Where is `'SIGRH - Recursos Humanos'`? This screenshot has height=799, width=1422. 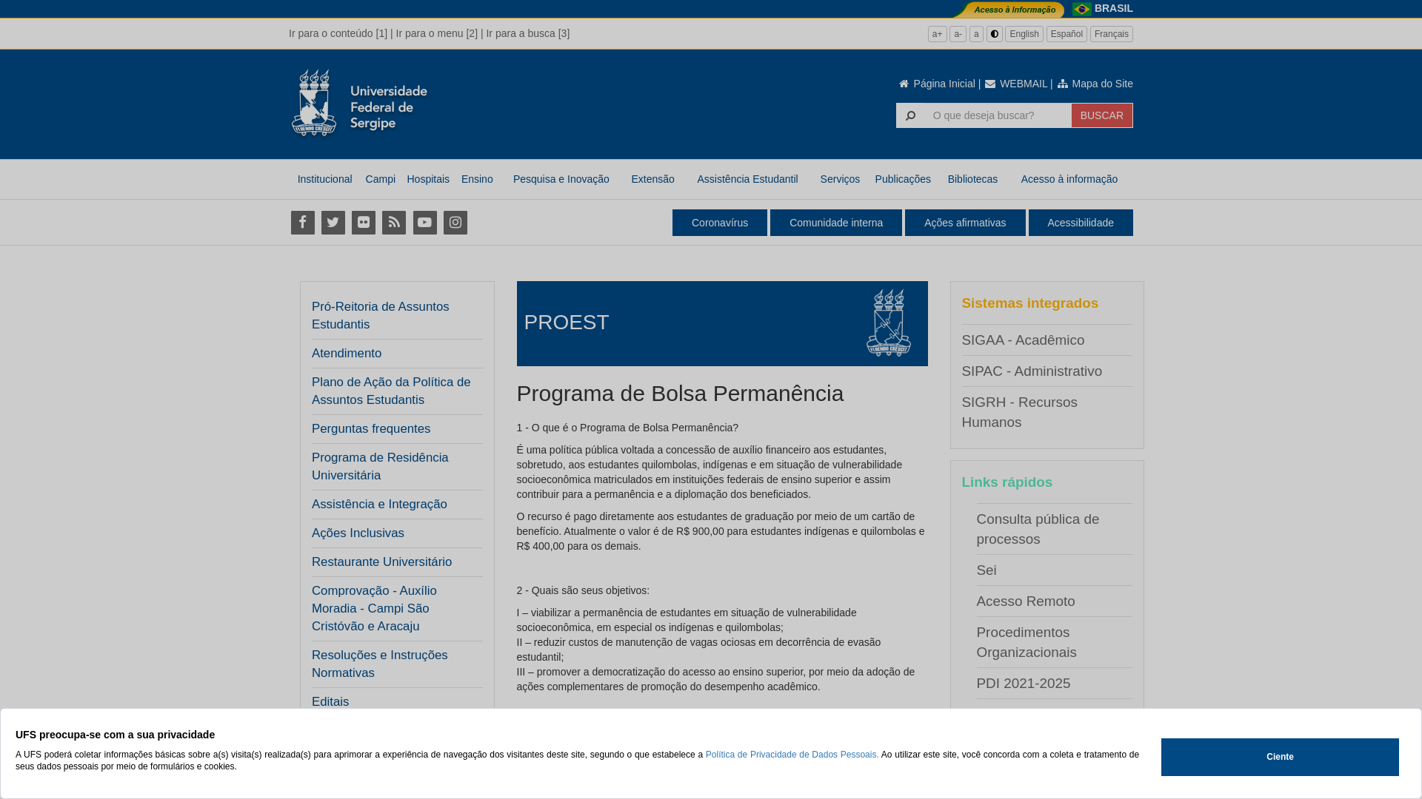 'SIGRH - Recursos Humanos' is located at coordinates (961, 411).